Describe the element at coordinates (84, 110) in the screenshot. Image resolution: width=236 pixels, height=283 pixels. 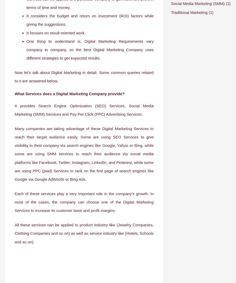
I see `'It provides Search Engine Optimization (SEO) Services, Social Media Marketing (SMM) Services and Pay Per Click (PPC) Advertising Services.'` at that location.